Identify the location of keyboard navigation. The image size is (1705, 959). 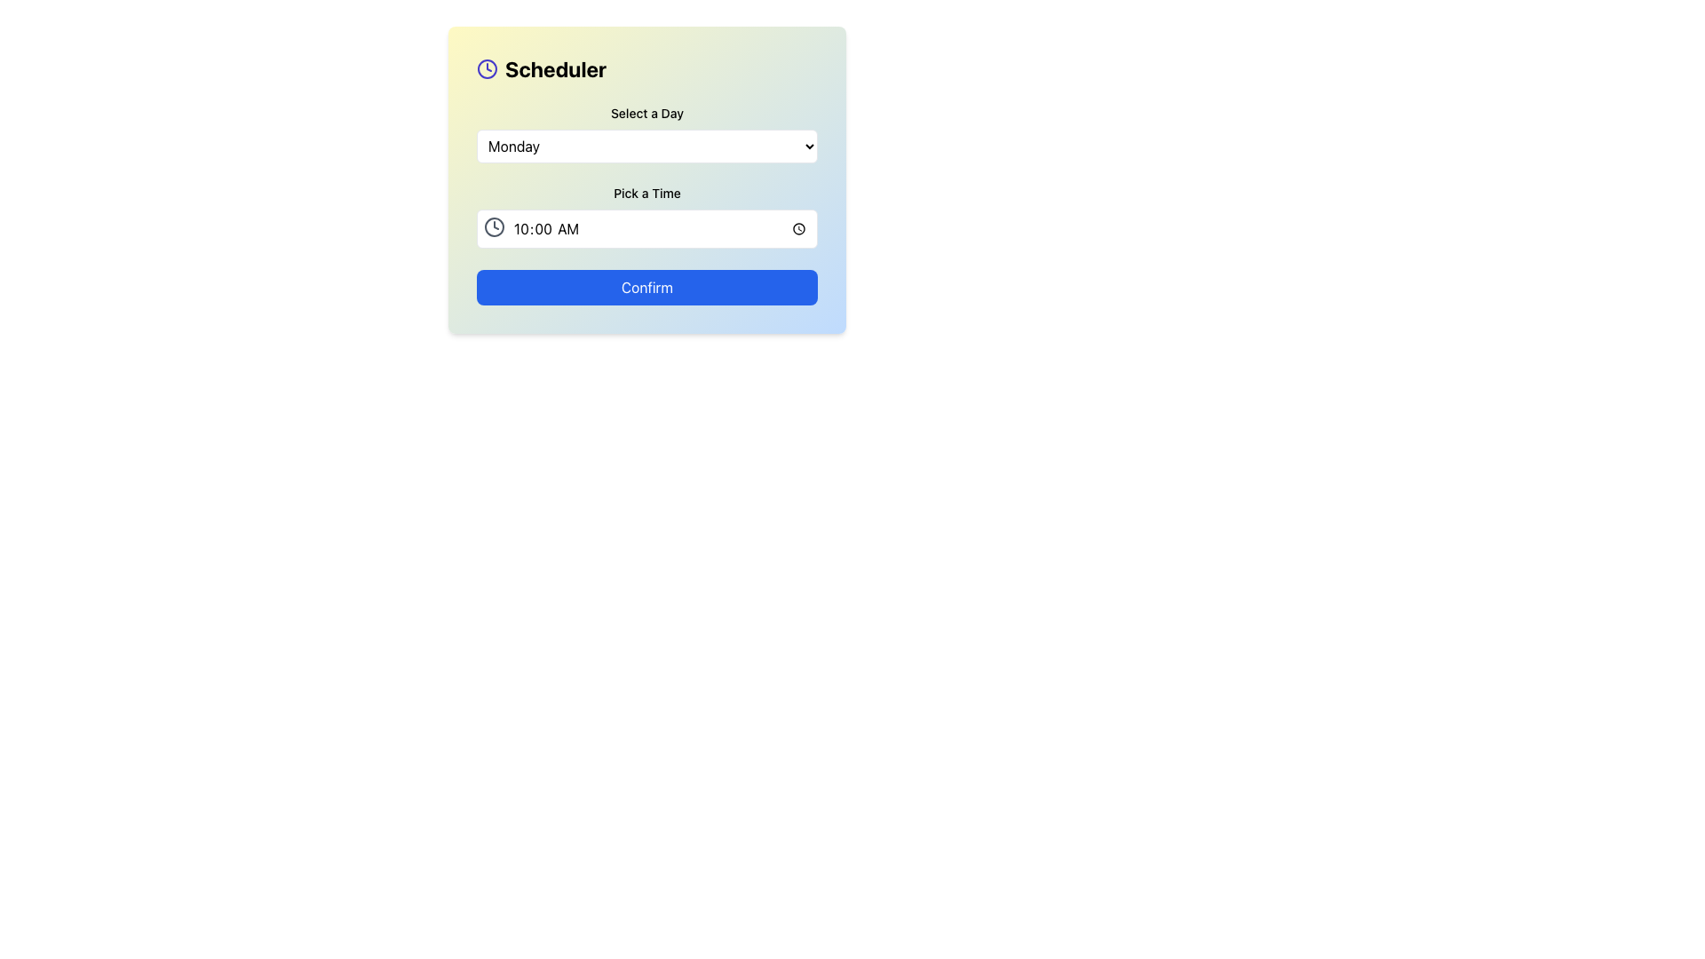
(646, 215).